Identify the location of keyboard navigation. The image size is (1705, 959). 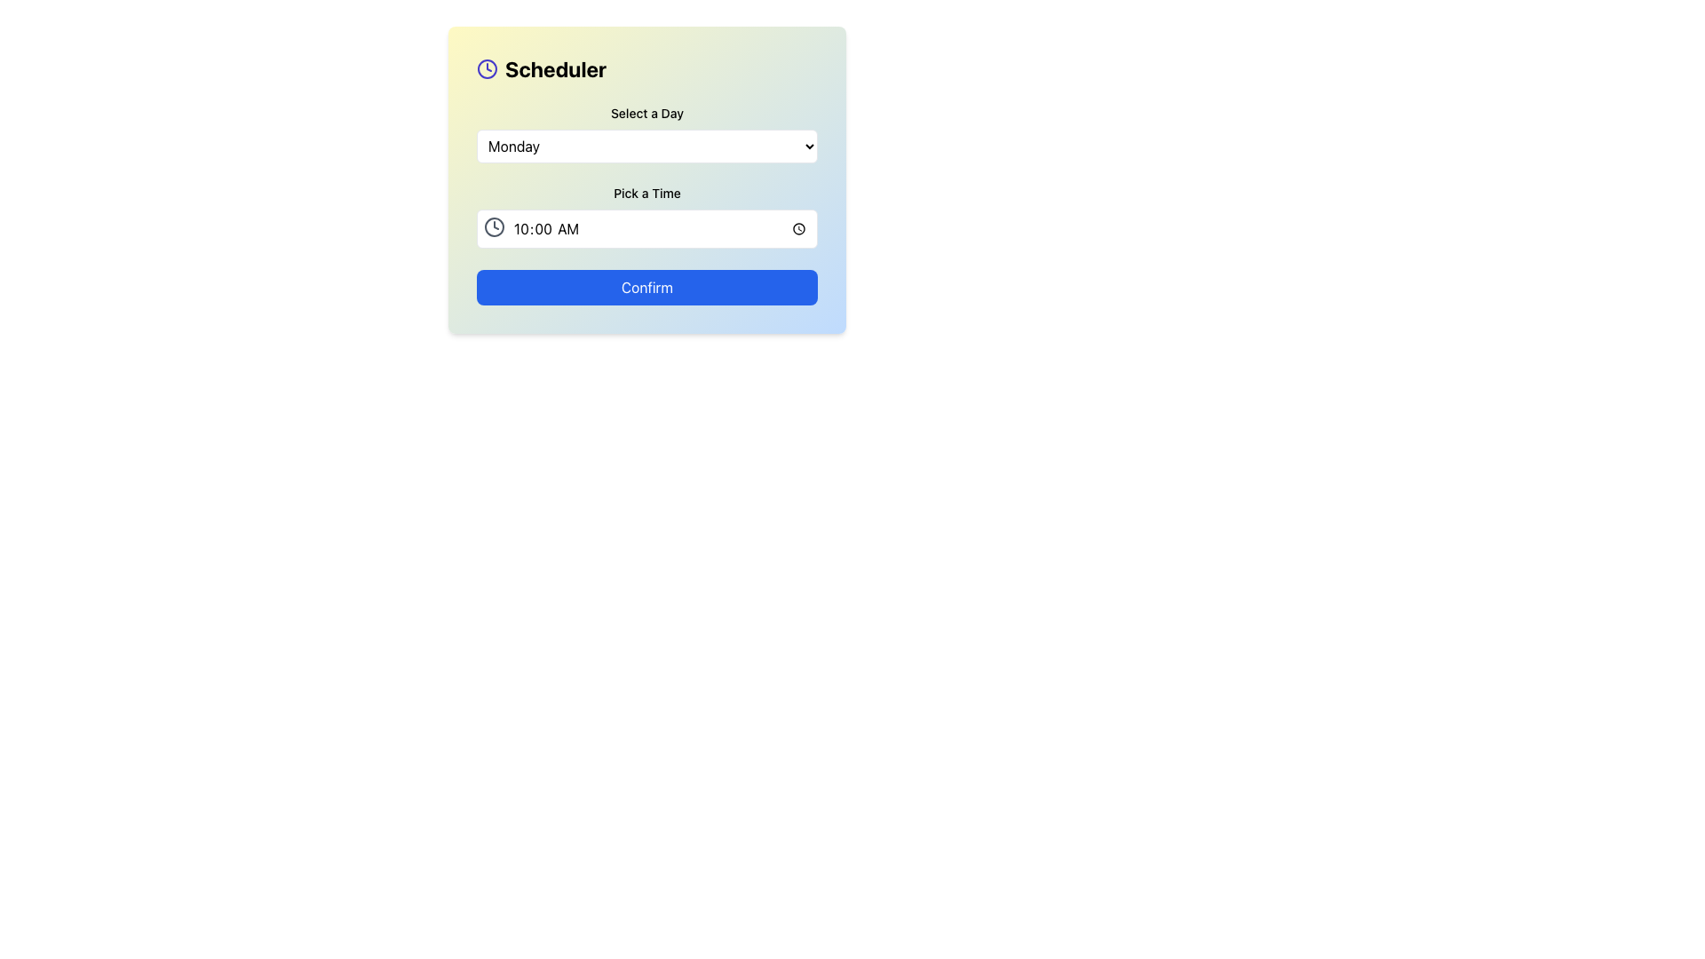
(646, 215).